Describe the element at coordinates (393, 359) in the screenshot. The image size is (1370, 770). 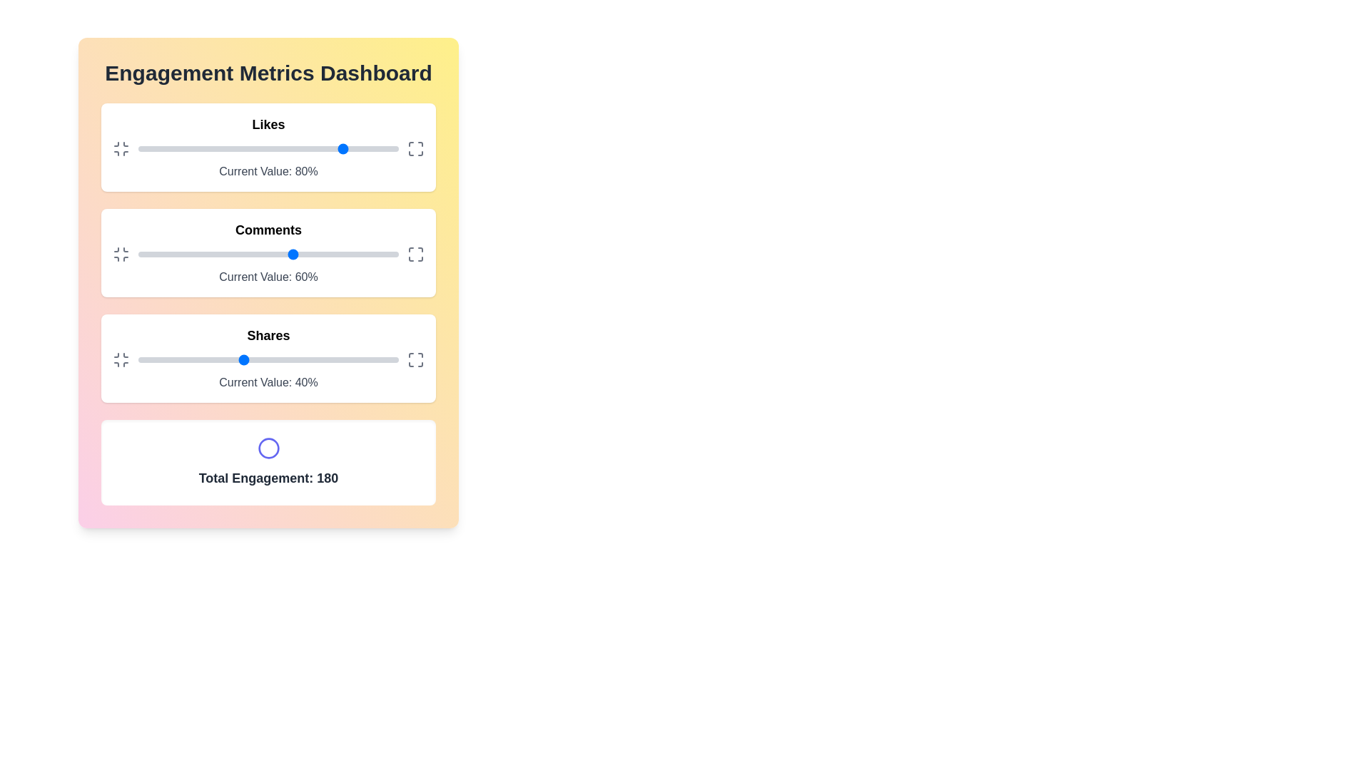
I see `the 'Shares' slider` at that location.